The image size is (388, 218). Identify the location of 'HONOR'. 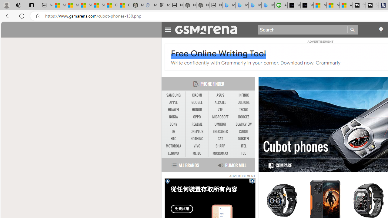
(197, 110).